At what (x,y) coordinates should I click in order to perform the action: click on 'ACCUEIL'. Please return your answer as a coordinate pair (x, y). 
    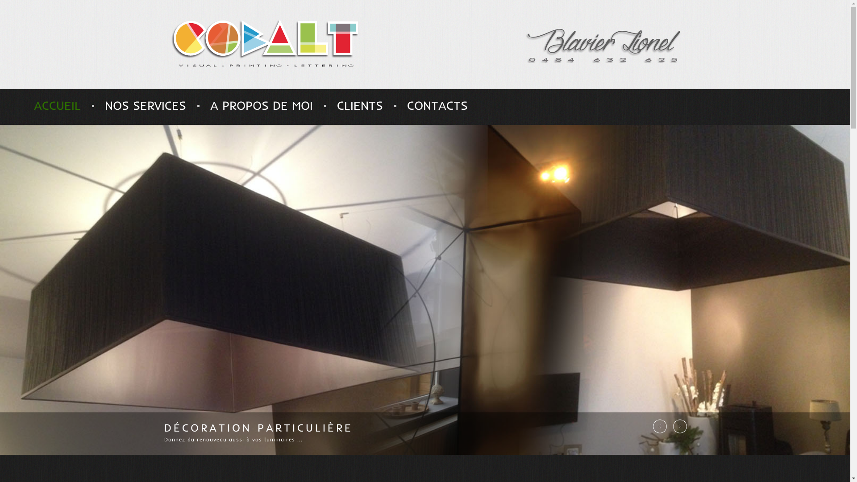
    Looking at the image, I should click on (57, 105).